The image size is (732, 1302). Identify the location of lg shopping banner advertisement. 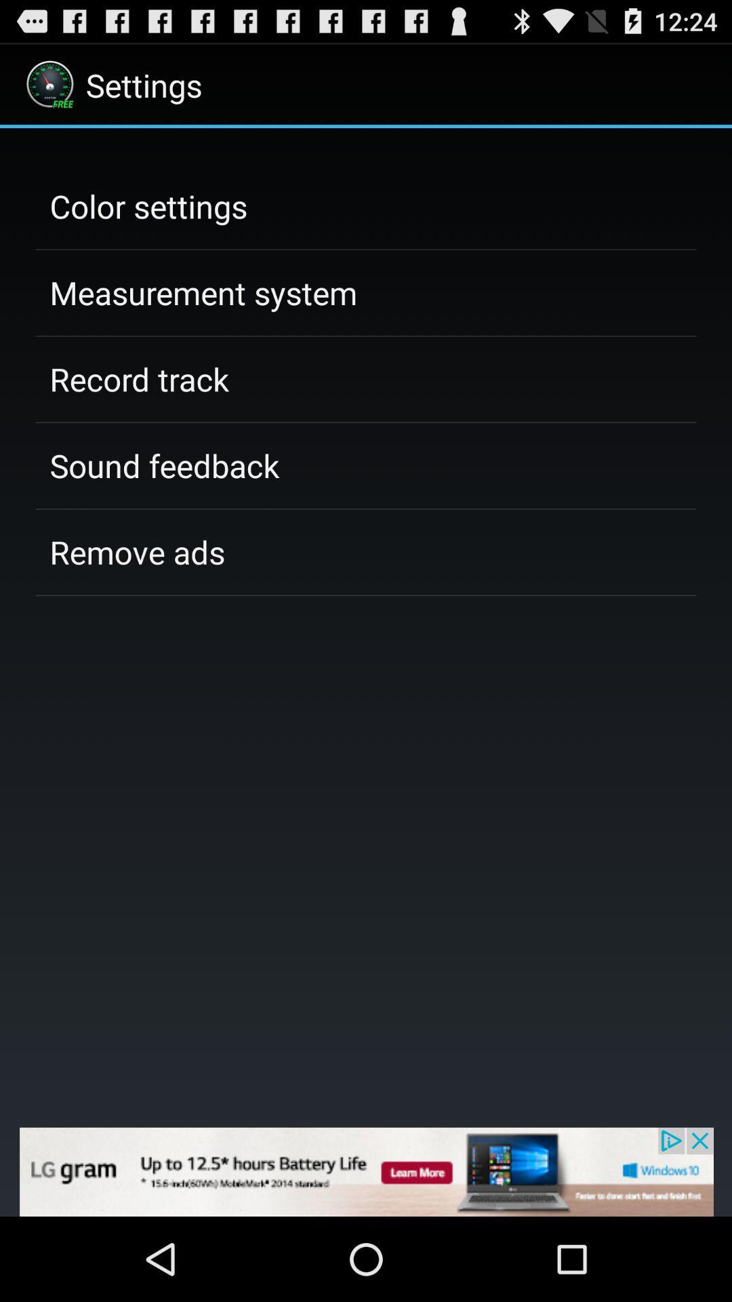
(366, 1171).